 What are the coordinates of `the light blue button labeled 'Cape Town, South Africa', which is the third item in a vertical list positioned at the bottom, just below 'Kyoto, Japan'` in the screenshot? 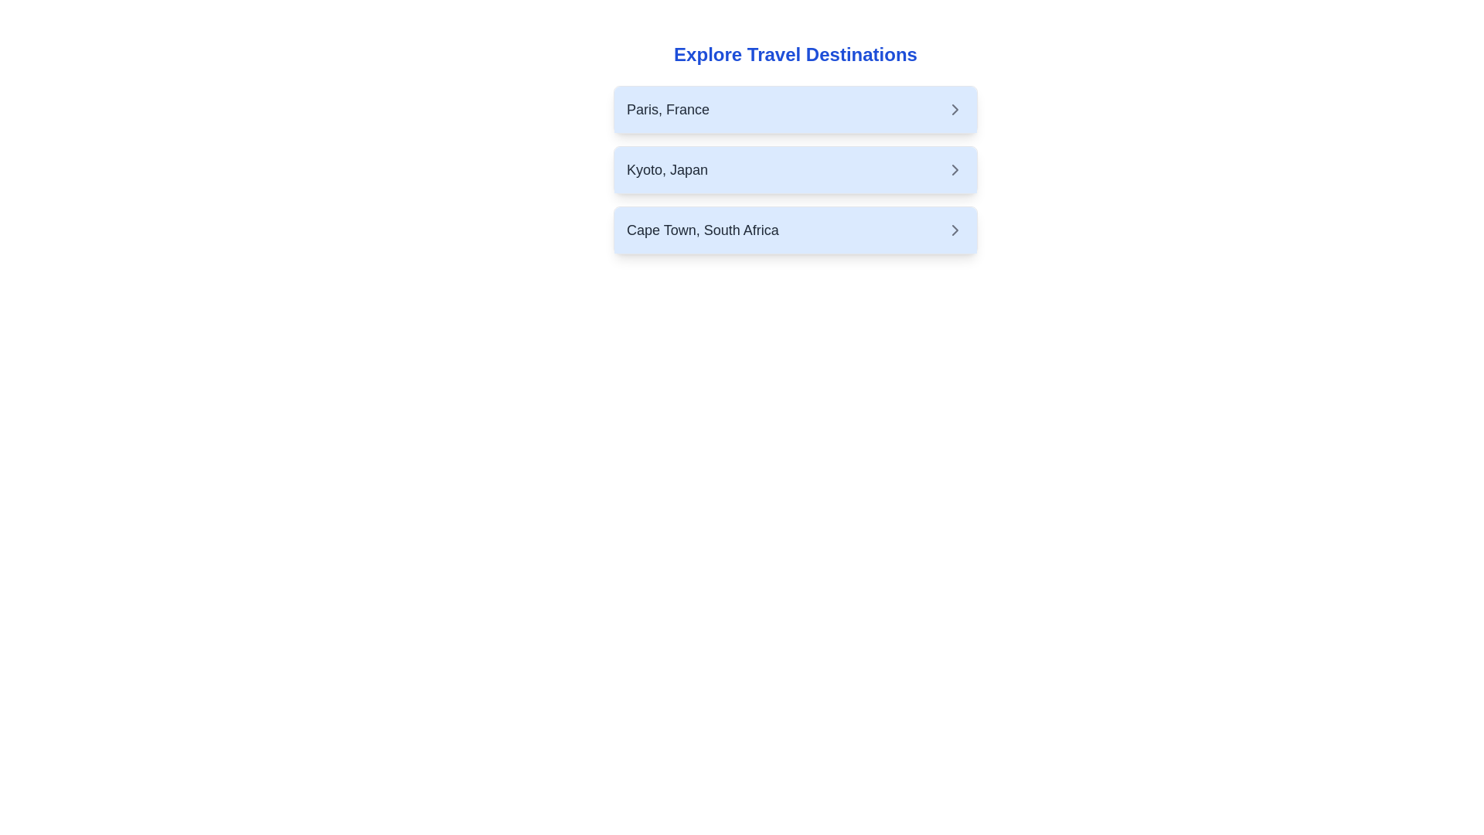 It's located at (795, 230).